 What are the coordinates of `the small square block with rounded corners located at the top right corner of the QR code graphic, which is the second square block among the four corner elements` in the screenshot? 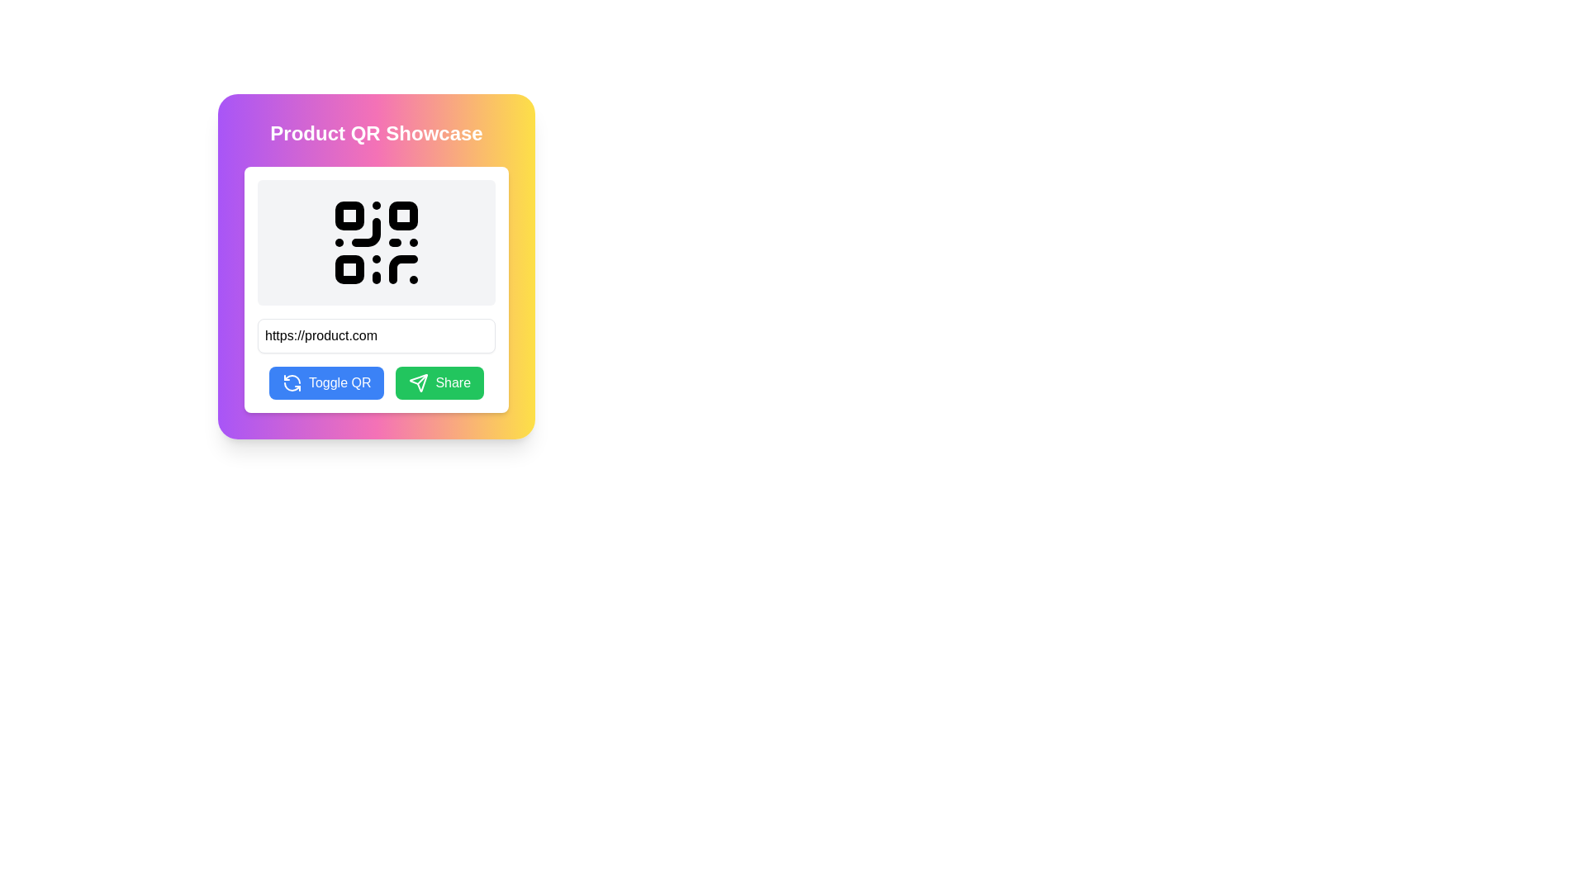 It's located at (403, 215).